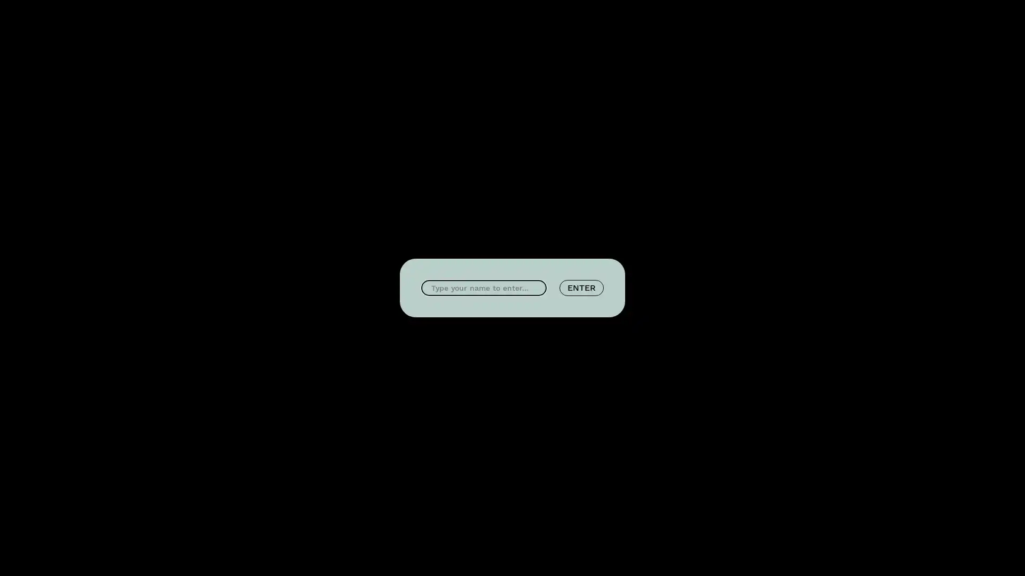  Describe the element at coordinates (581, 288) in the screenshot. I see `Submit username` at that location.